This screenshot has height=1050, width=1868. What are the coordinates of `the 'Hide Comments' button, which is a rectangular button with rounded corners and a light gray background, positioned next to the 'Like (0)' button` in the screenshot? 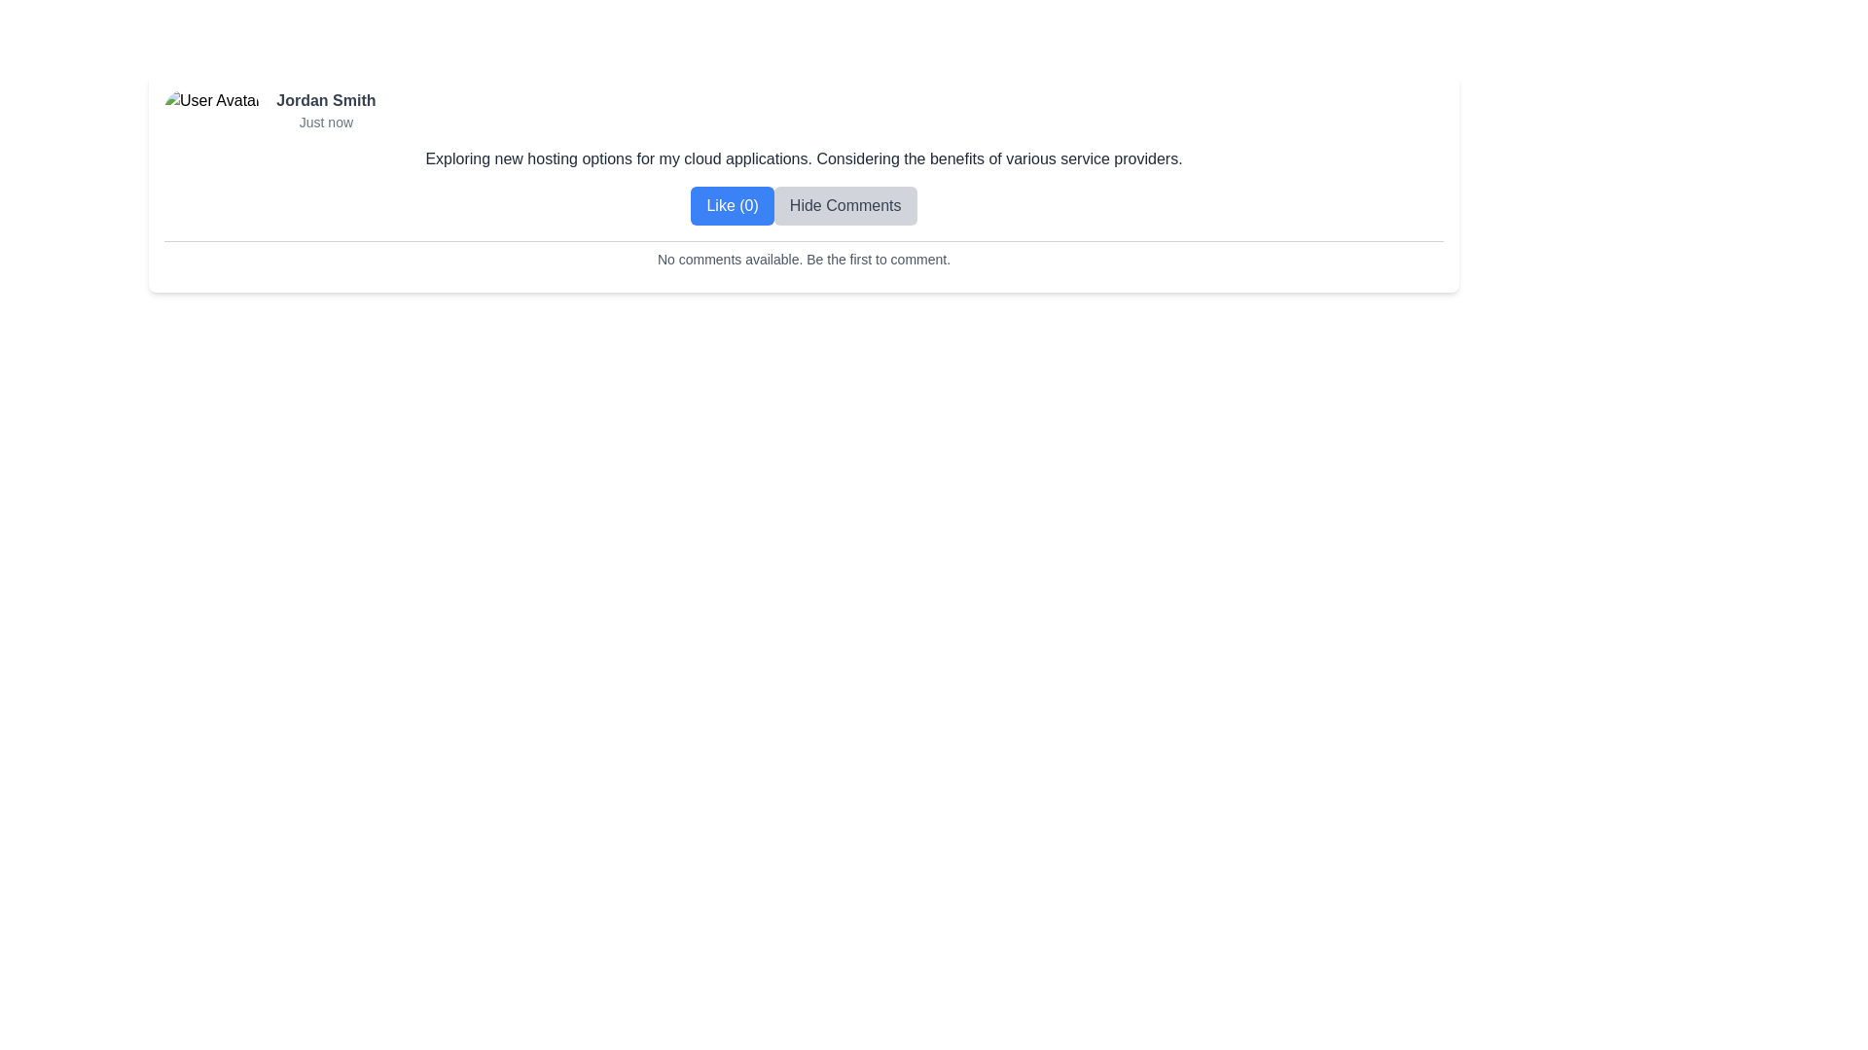 It's located at (845, 206).